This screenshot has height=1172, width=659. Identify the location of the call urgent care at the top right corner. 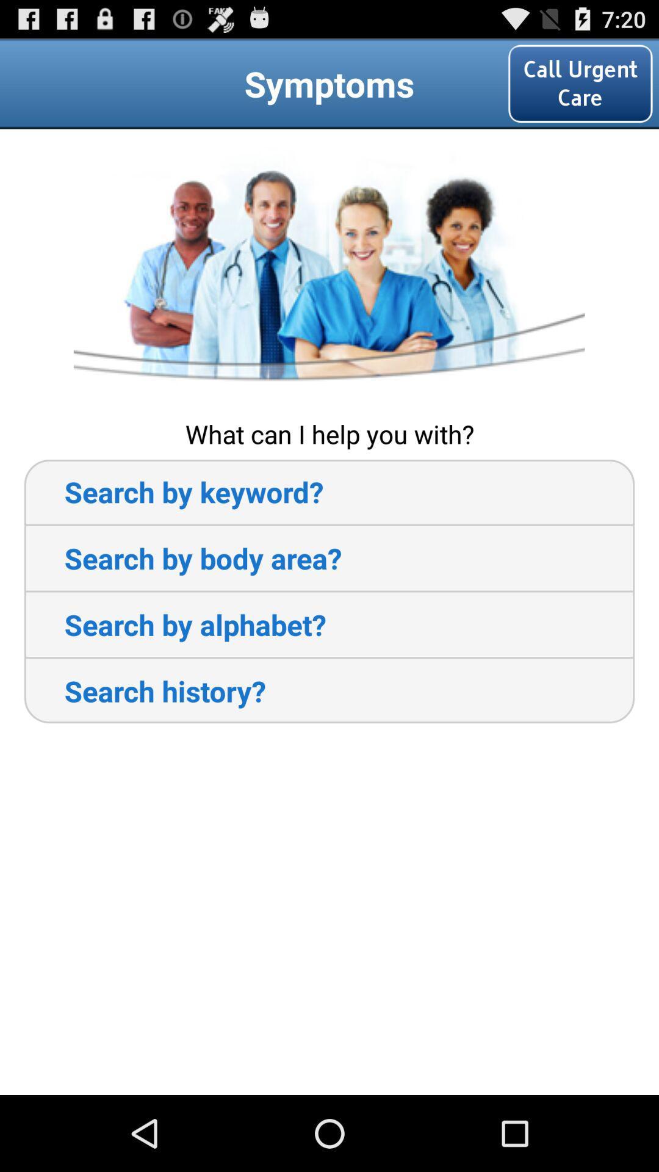
(580, 83).